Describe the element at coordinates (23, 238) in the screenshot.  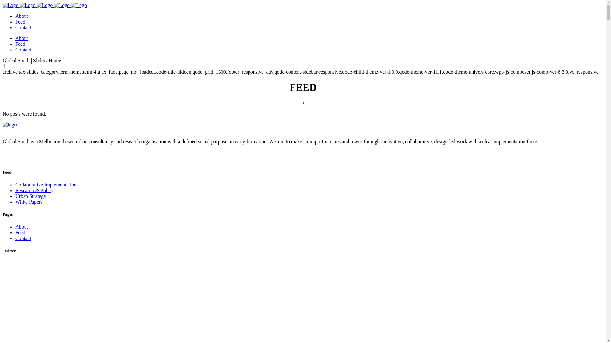
I see `'Contact'` at that location.